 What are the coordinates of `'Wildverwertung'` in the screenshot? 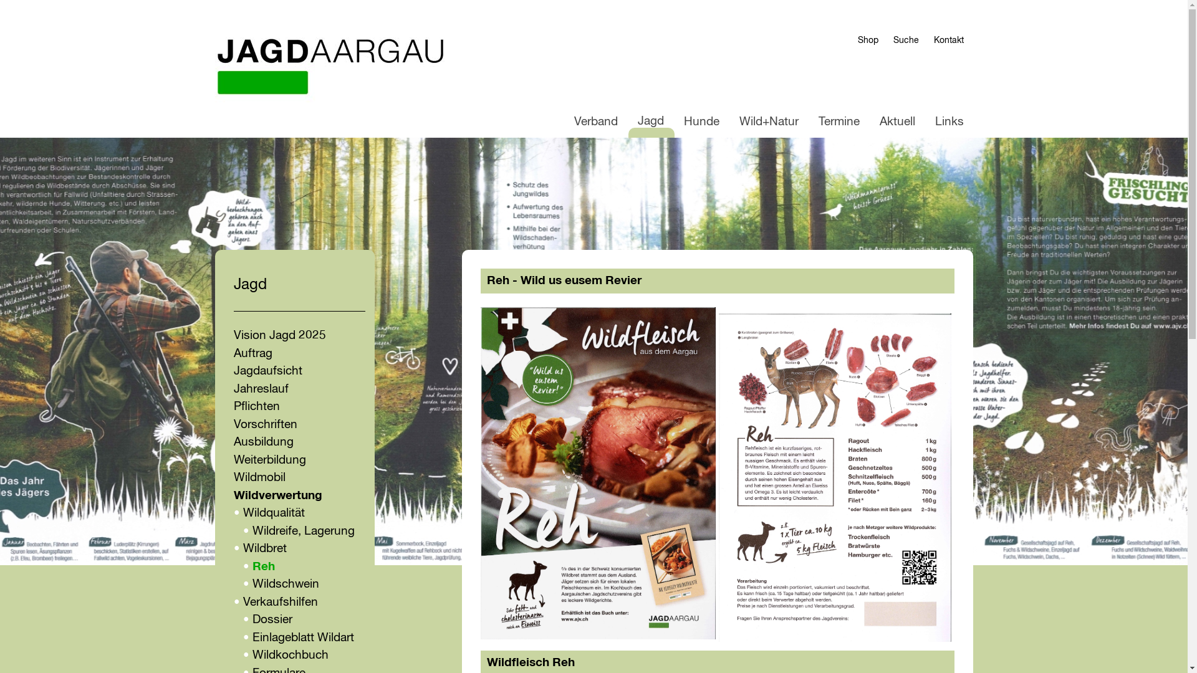 It's located at (277, 495).